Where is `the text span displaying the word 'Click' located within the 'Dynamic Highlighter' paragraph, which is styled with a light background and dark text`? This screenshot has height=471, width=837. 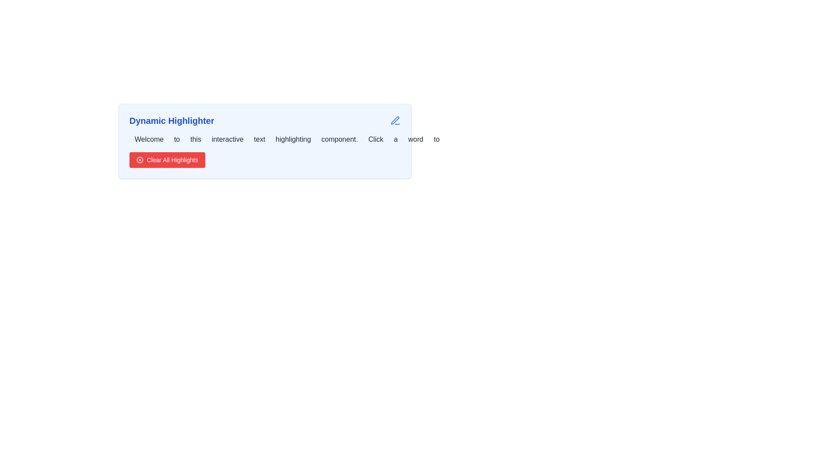
the text span displaying the word 'Click' located within the 'Dynamic Highlighter' paragraph, which is styled with a light background and dark text is located at coordinates (376, 139).